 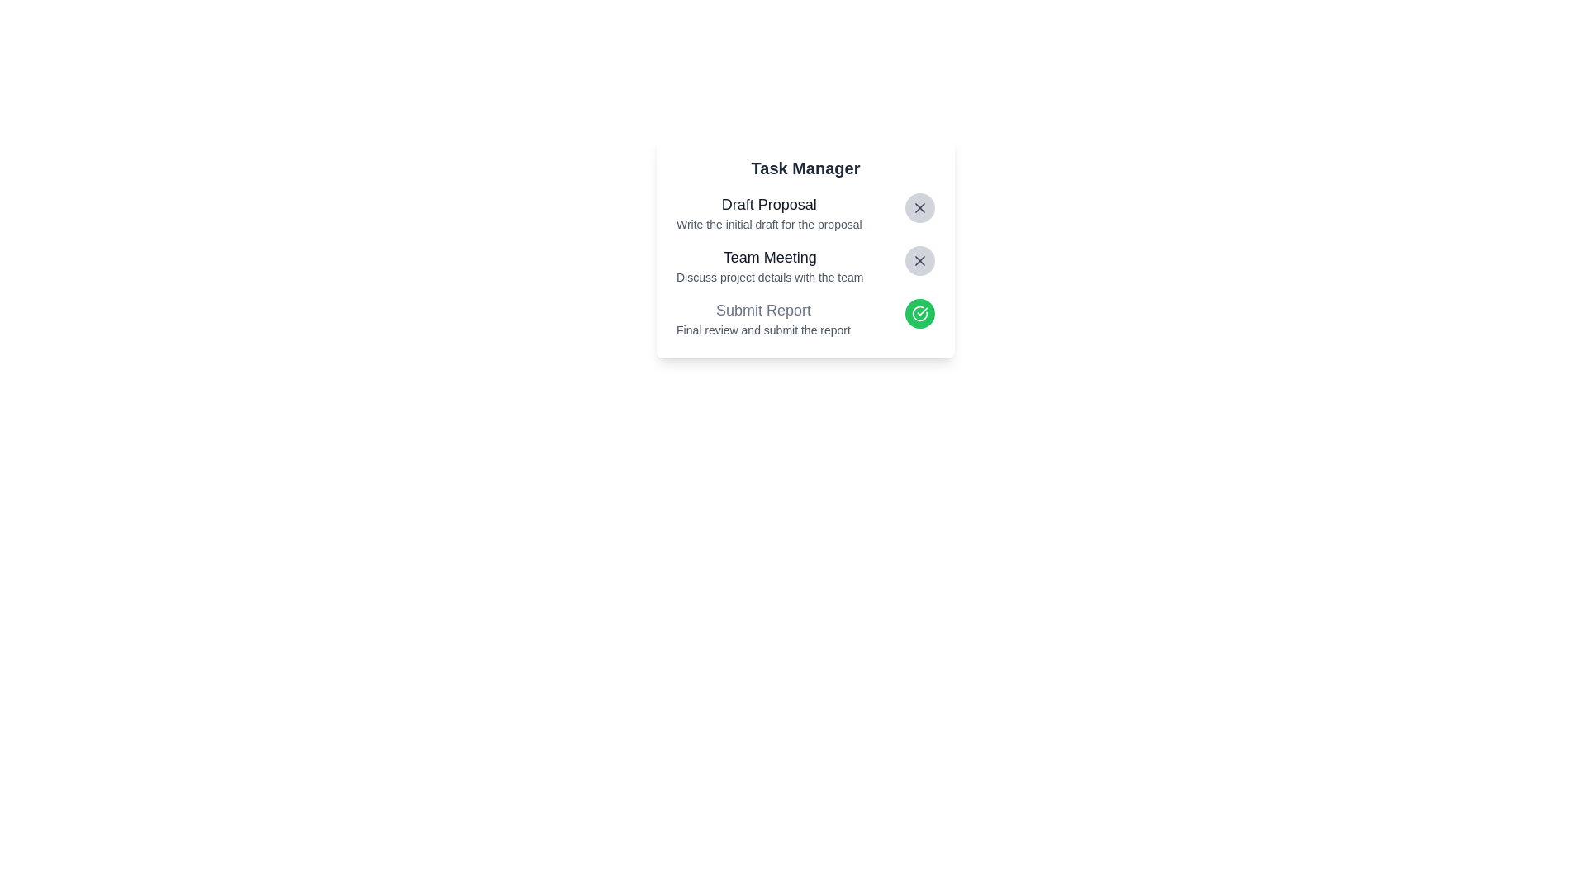 I want to click on the non-interactive text label providing context for the 'Team Meeting' item, located below it and centered horizontally, so click(x=769, y=276).